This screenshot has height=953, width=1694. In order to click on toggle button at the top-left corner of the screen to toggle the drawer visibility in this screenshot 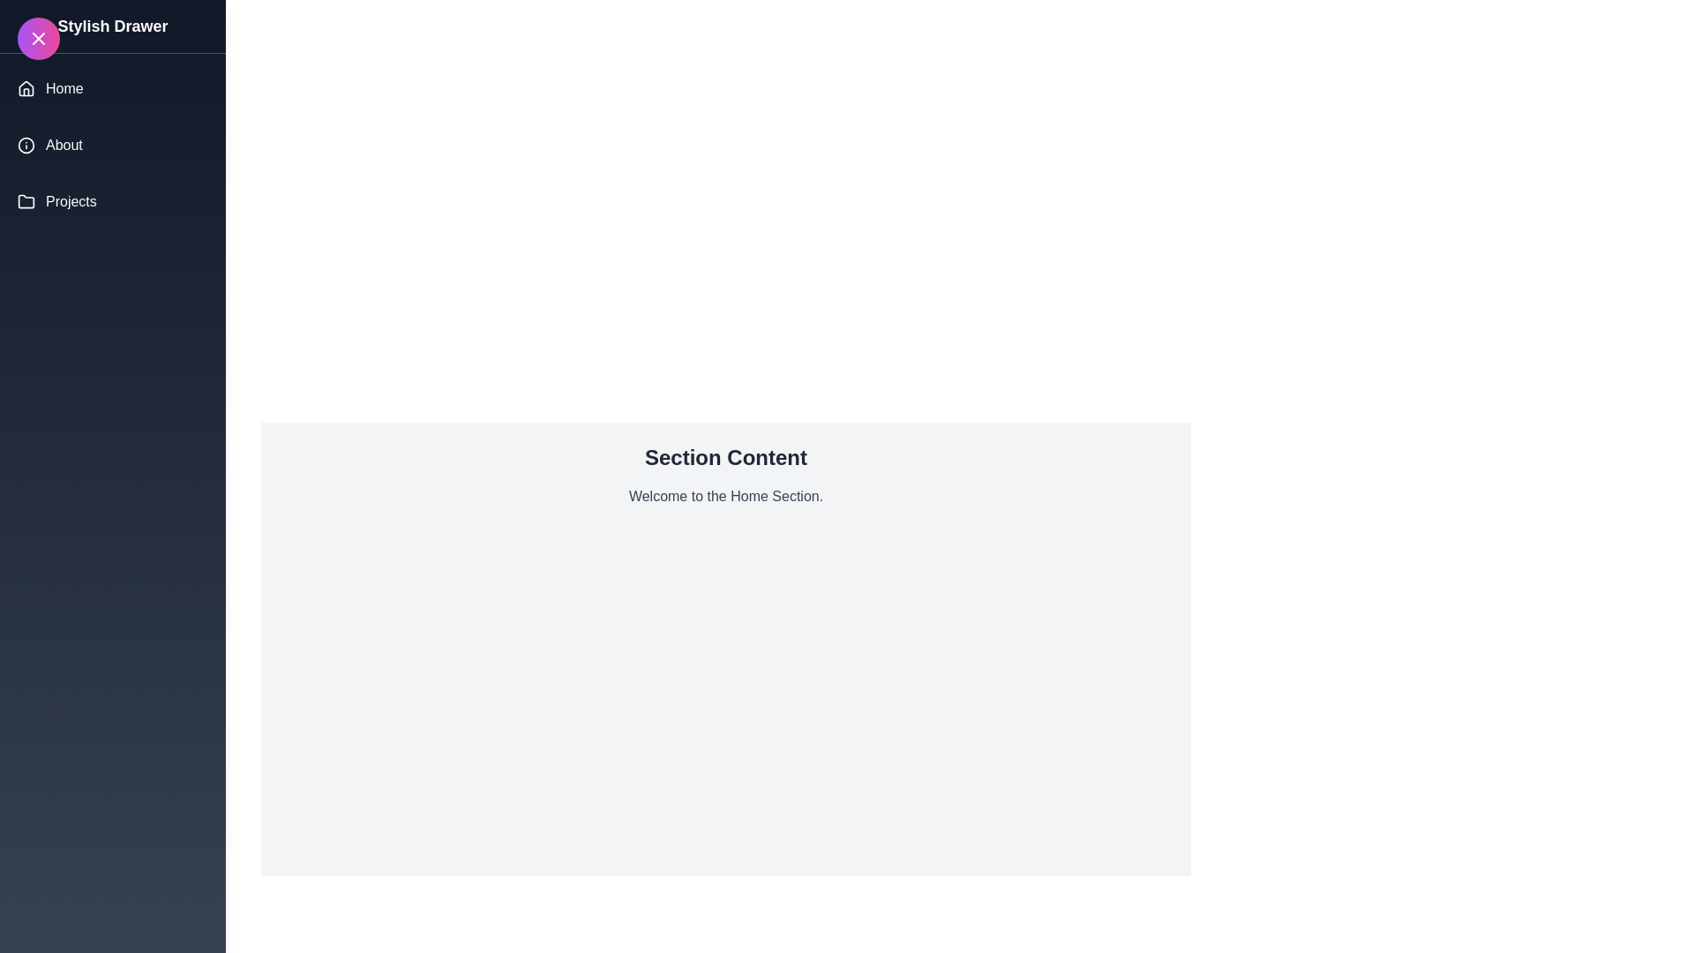, I will do `click(38, 38)`.